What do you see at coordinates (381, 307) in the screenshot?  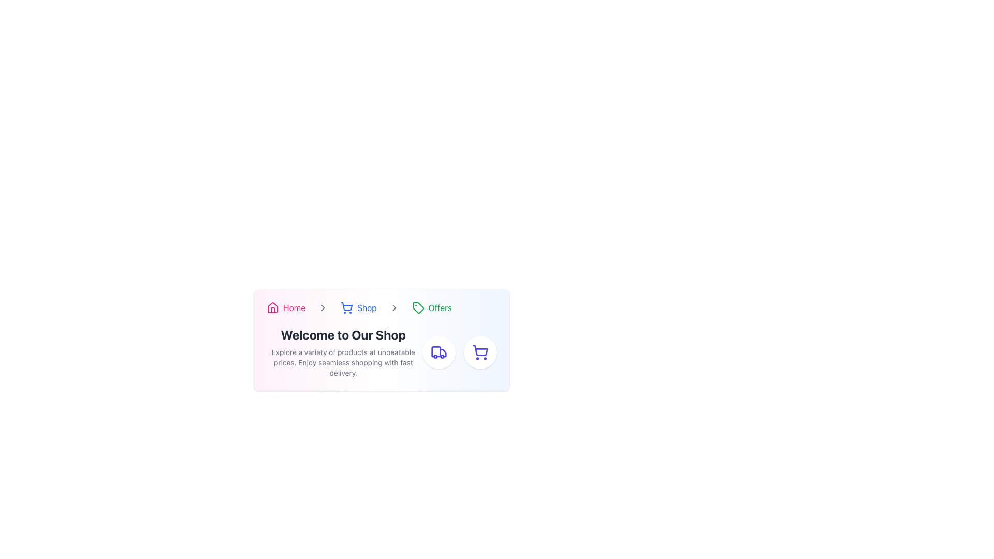 I see `the Breadcrumb navigation bar located at the top of the card` at bounding box center [381, 307].